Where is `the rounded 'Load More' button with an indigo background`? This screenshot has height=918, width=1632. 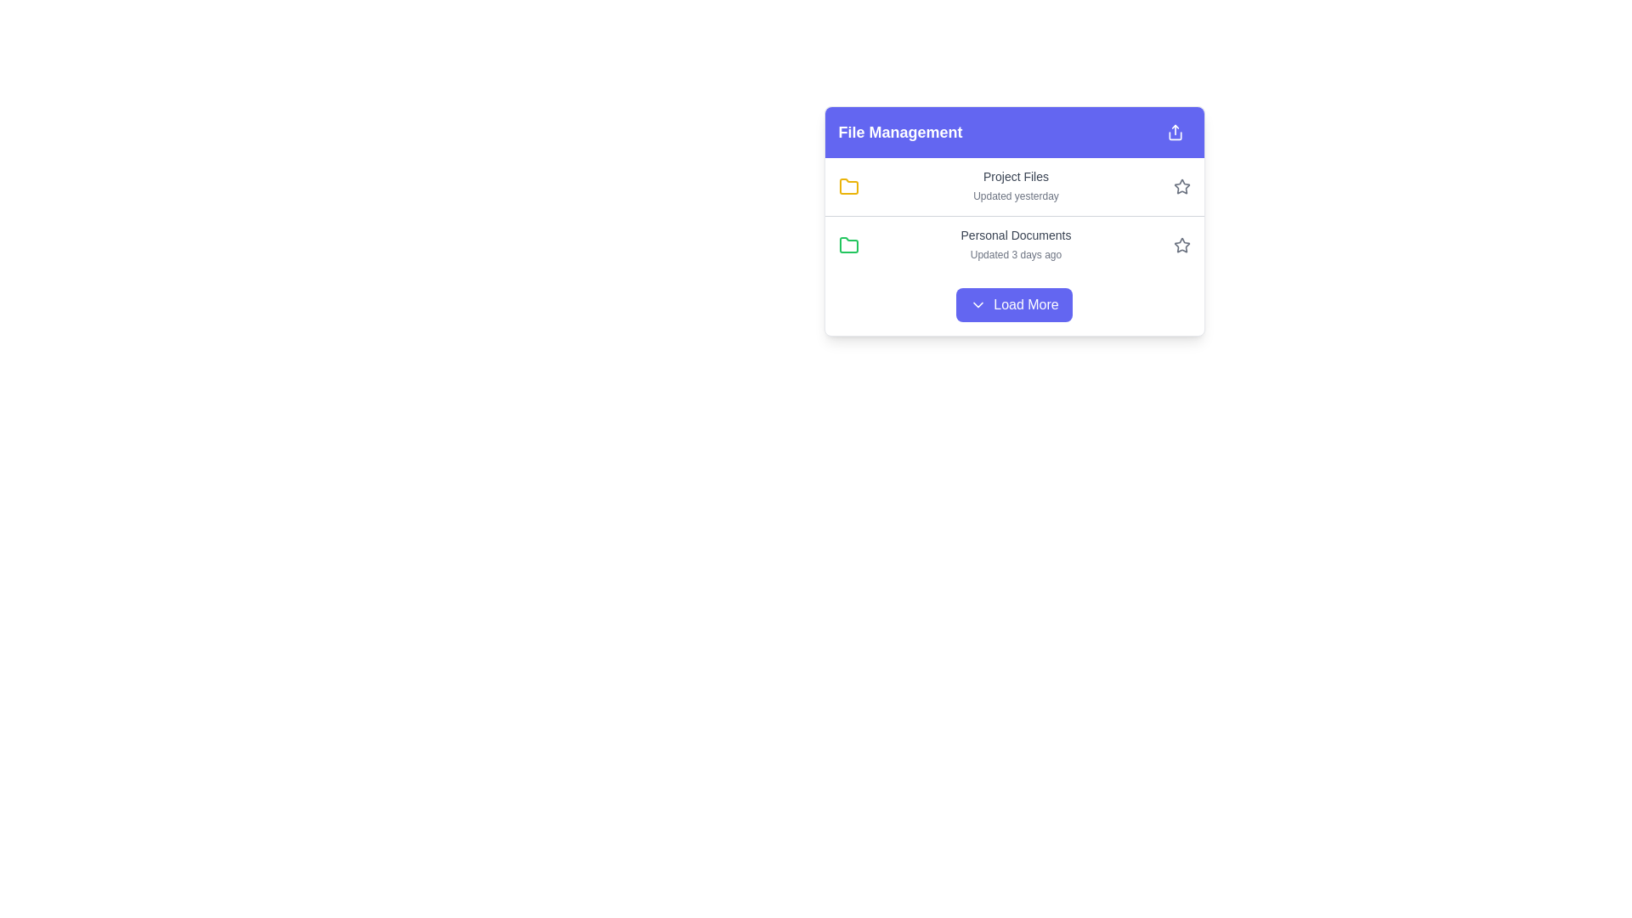
the rounded 'Load More' button with an indigo background is located at coordinates (1014, 303).